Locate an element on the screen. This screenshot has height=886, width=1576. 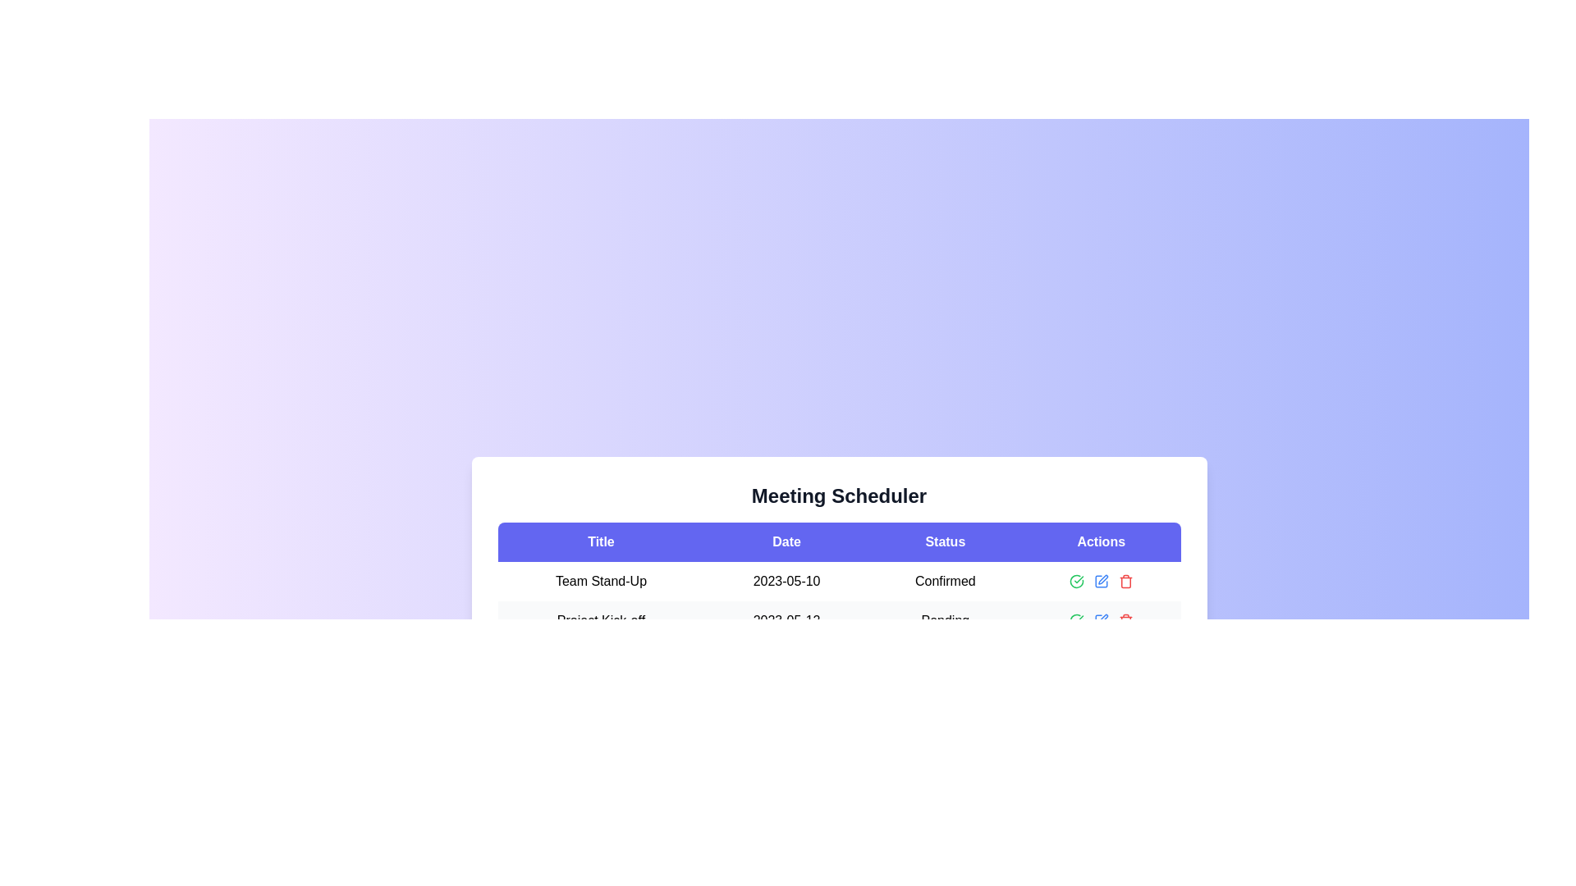
the edit button located in the Actions column of the table row, which is the second icon from the left in a group of three interactive icons is located at coordinates (1101, 620).